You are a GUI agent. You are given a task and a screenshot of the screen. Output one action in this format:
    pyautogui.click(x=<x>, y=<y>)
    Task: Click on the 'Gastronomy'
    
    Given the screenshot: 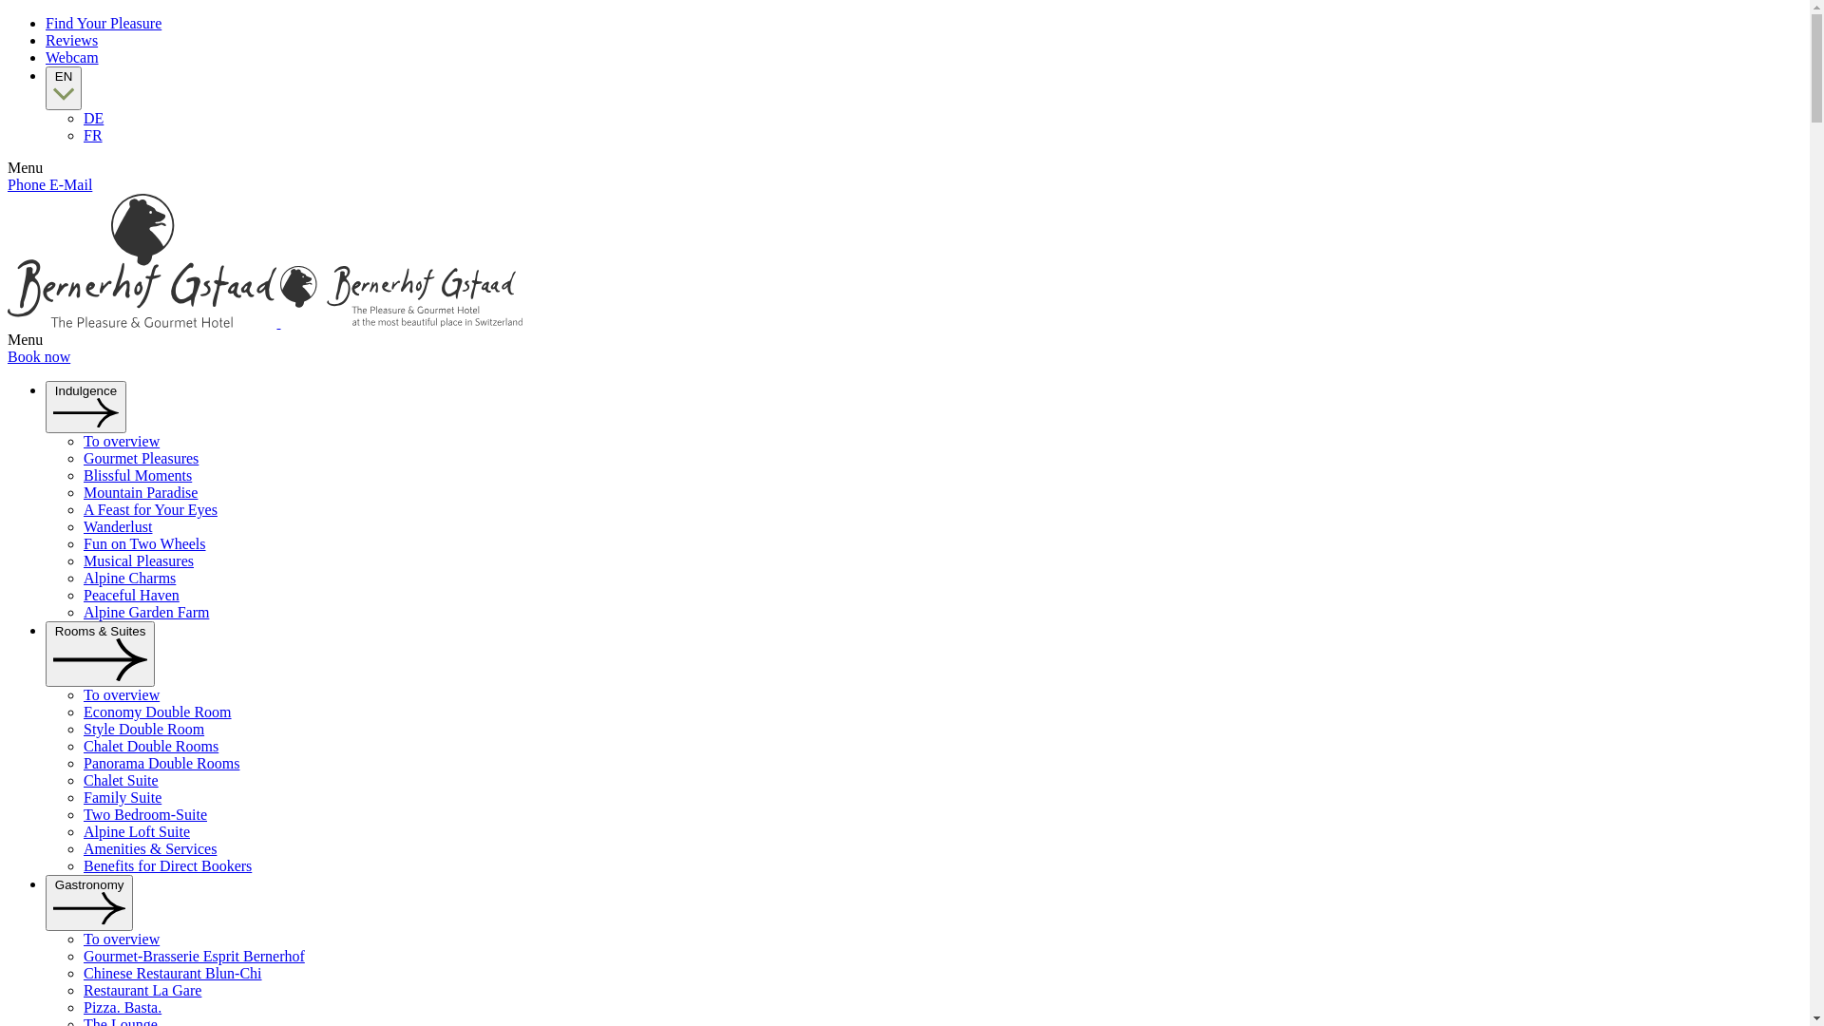 What is the action you would take?
    pyautogui.click(x=88, y=902)
    